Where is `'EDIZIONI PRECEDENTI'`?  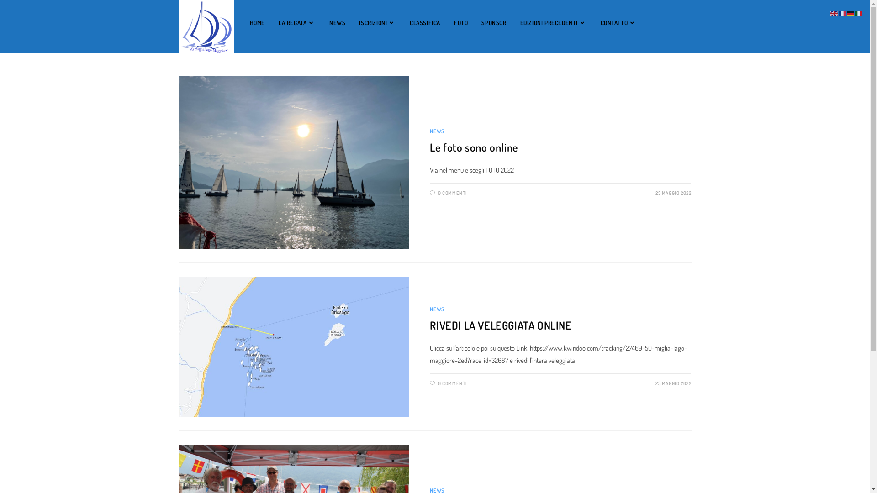
'EDIZIONI PRECEDENTI' is located at coordinates (513, 22).